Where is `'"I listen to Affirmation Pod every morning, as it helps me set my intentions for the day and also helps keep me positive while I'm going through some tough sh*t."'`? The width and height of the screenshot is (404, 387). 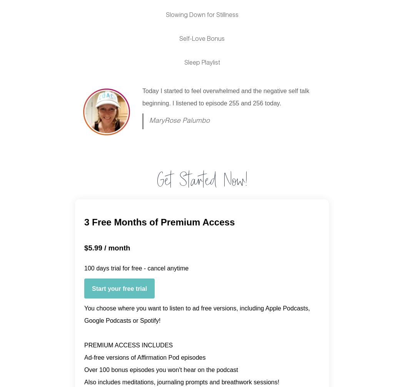 '"I listen to Affirmation Pod every morning, as it helps me set my intentions for the day and also helps keep me positive while I'm going through some tough sh*t."' is located at coordinates (228, 102).